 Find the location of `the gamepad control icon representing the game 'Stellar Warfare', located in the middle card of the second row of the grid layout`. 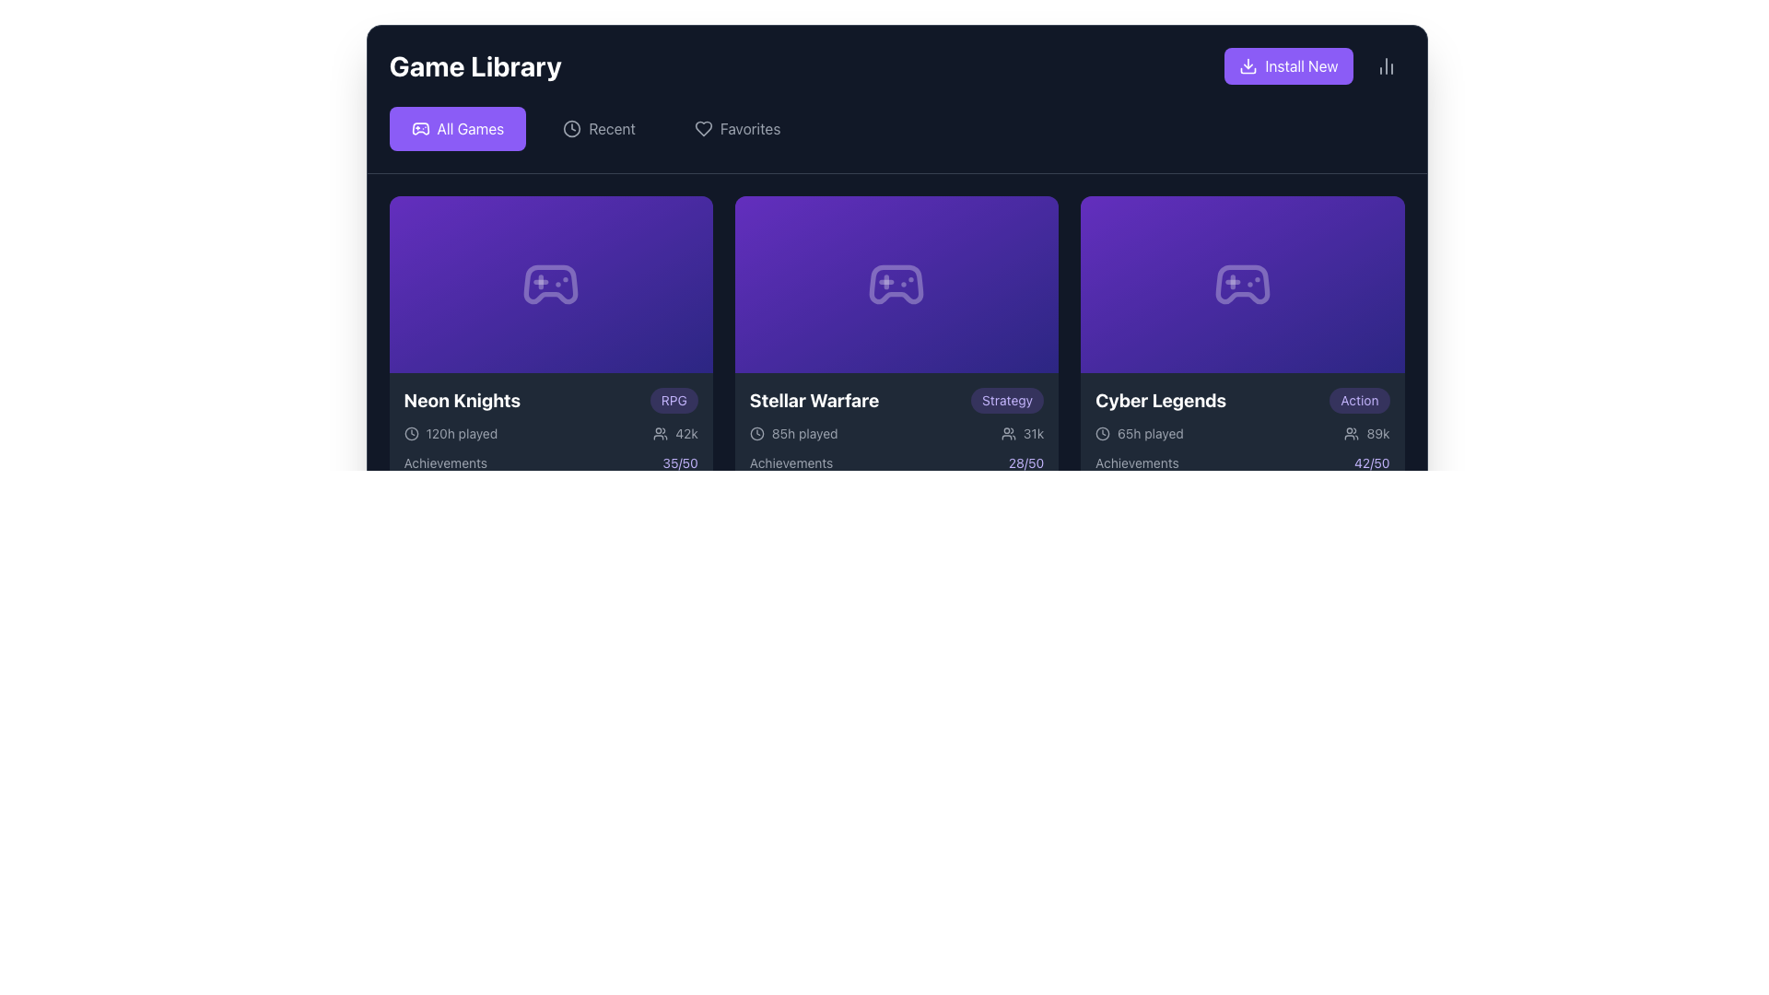

the gamepad control icon representing the game 'Stellar Warfare', located in the middle card of the second row of the grid layout is located at coordinates (896, 284).